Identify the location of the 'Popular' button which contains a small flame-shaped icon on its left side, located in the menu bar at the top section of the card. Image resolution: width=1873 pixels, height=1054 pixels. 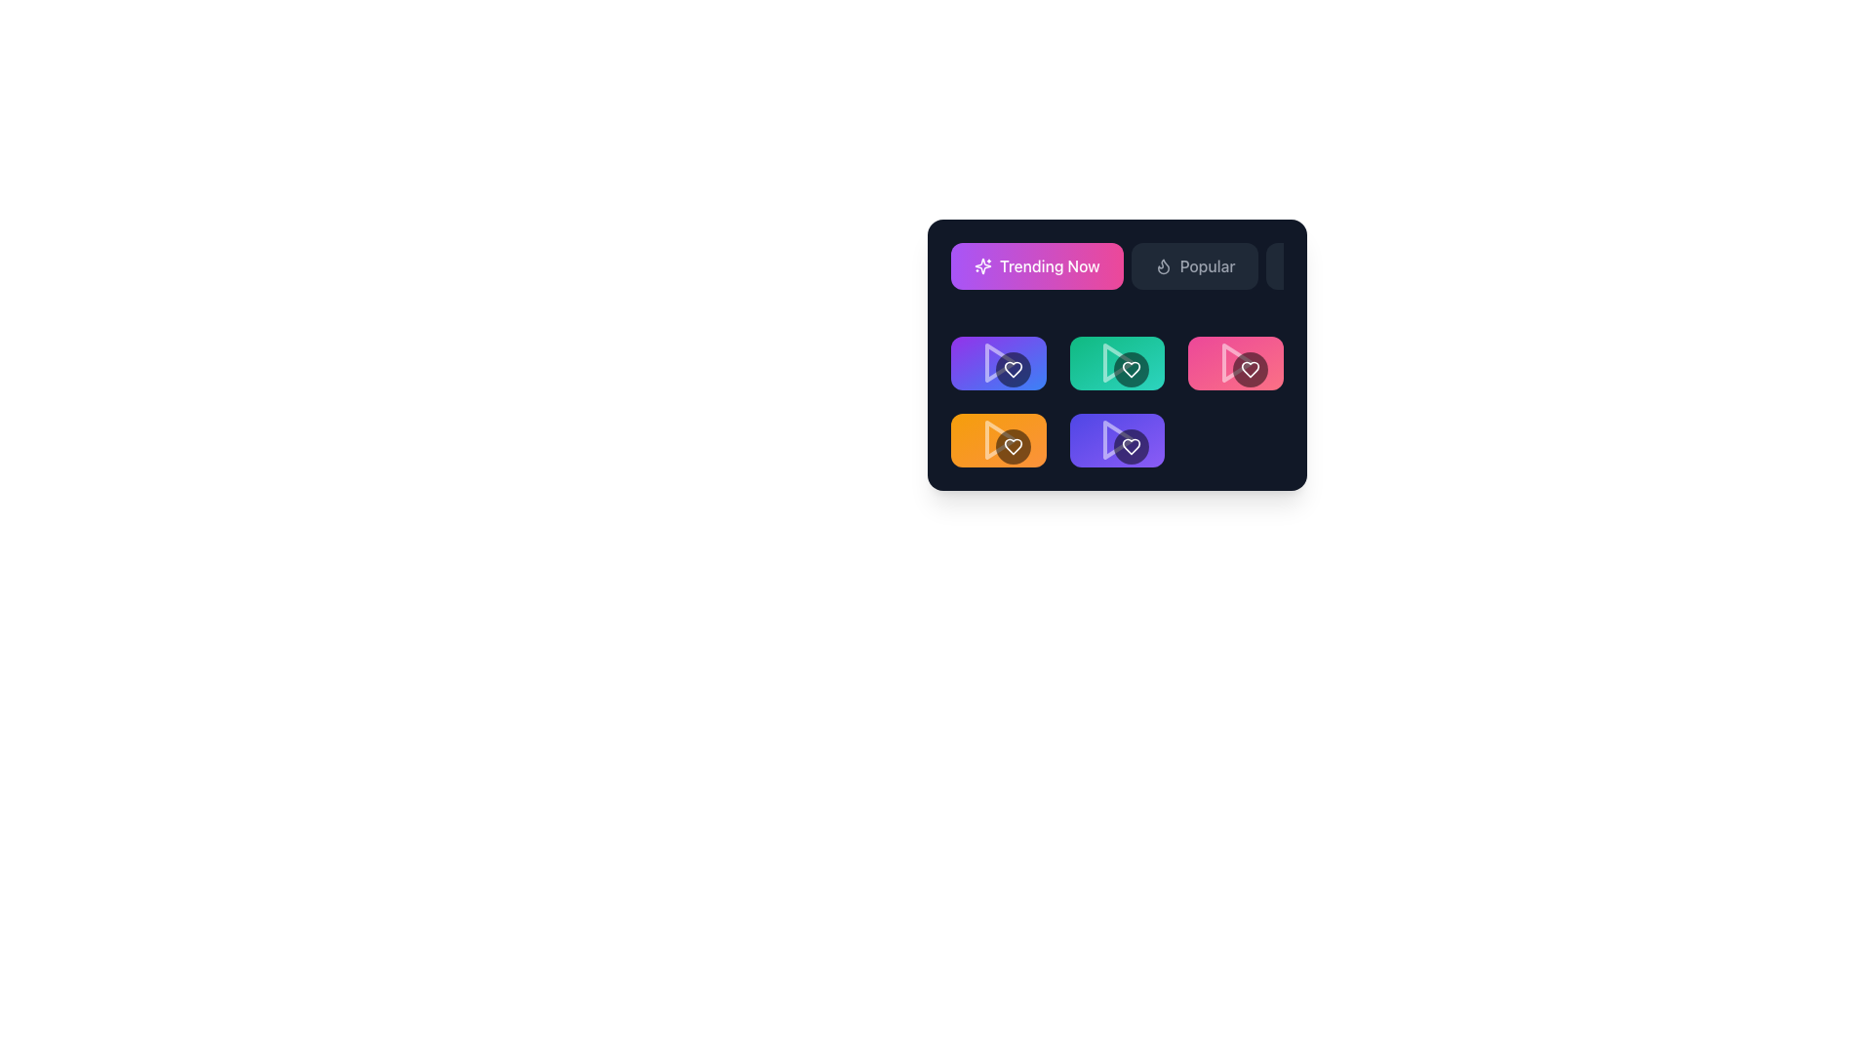
(1163, 266).